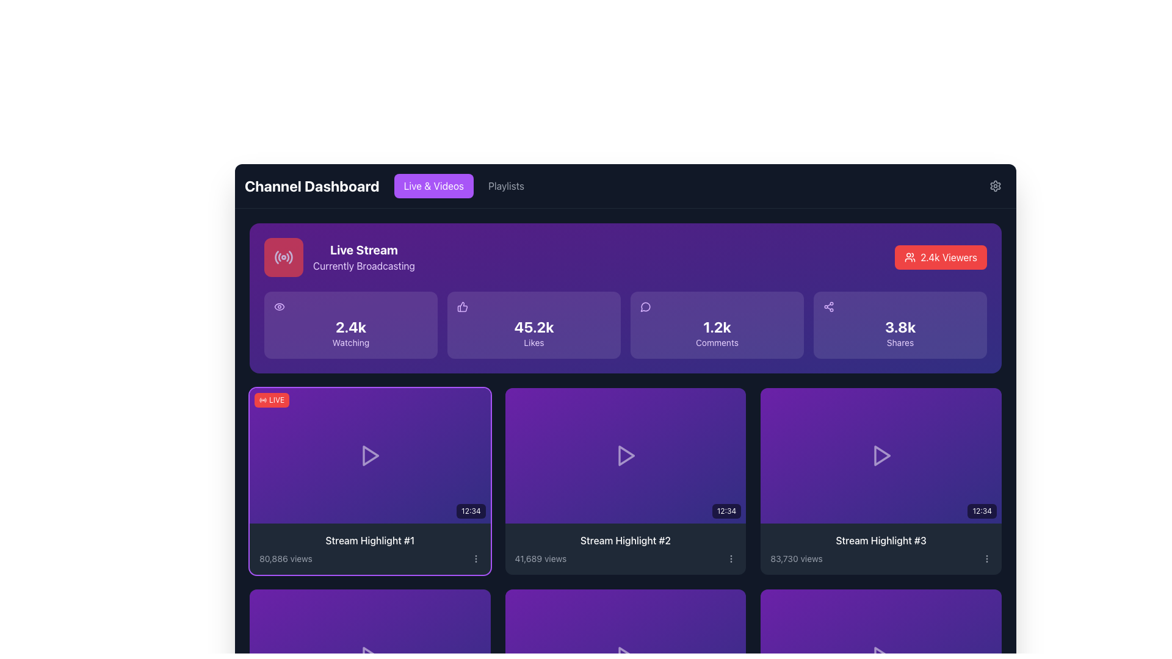 The height and width of the screenshot is (659, 1172). Describe the element at coordinates (462, 306) in the screenshot. I see `the thumbs-up icon, which is a purple outline style located next to the '45.2k Likes' text within the Likes card on the dashboard interface` at that location.